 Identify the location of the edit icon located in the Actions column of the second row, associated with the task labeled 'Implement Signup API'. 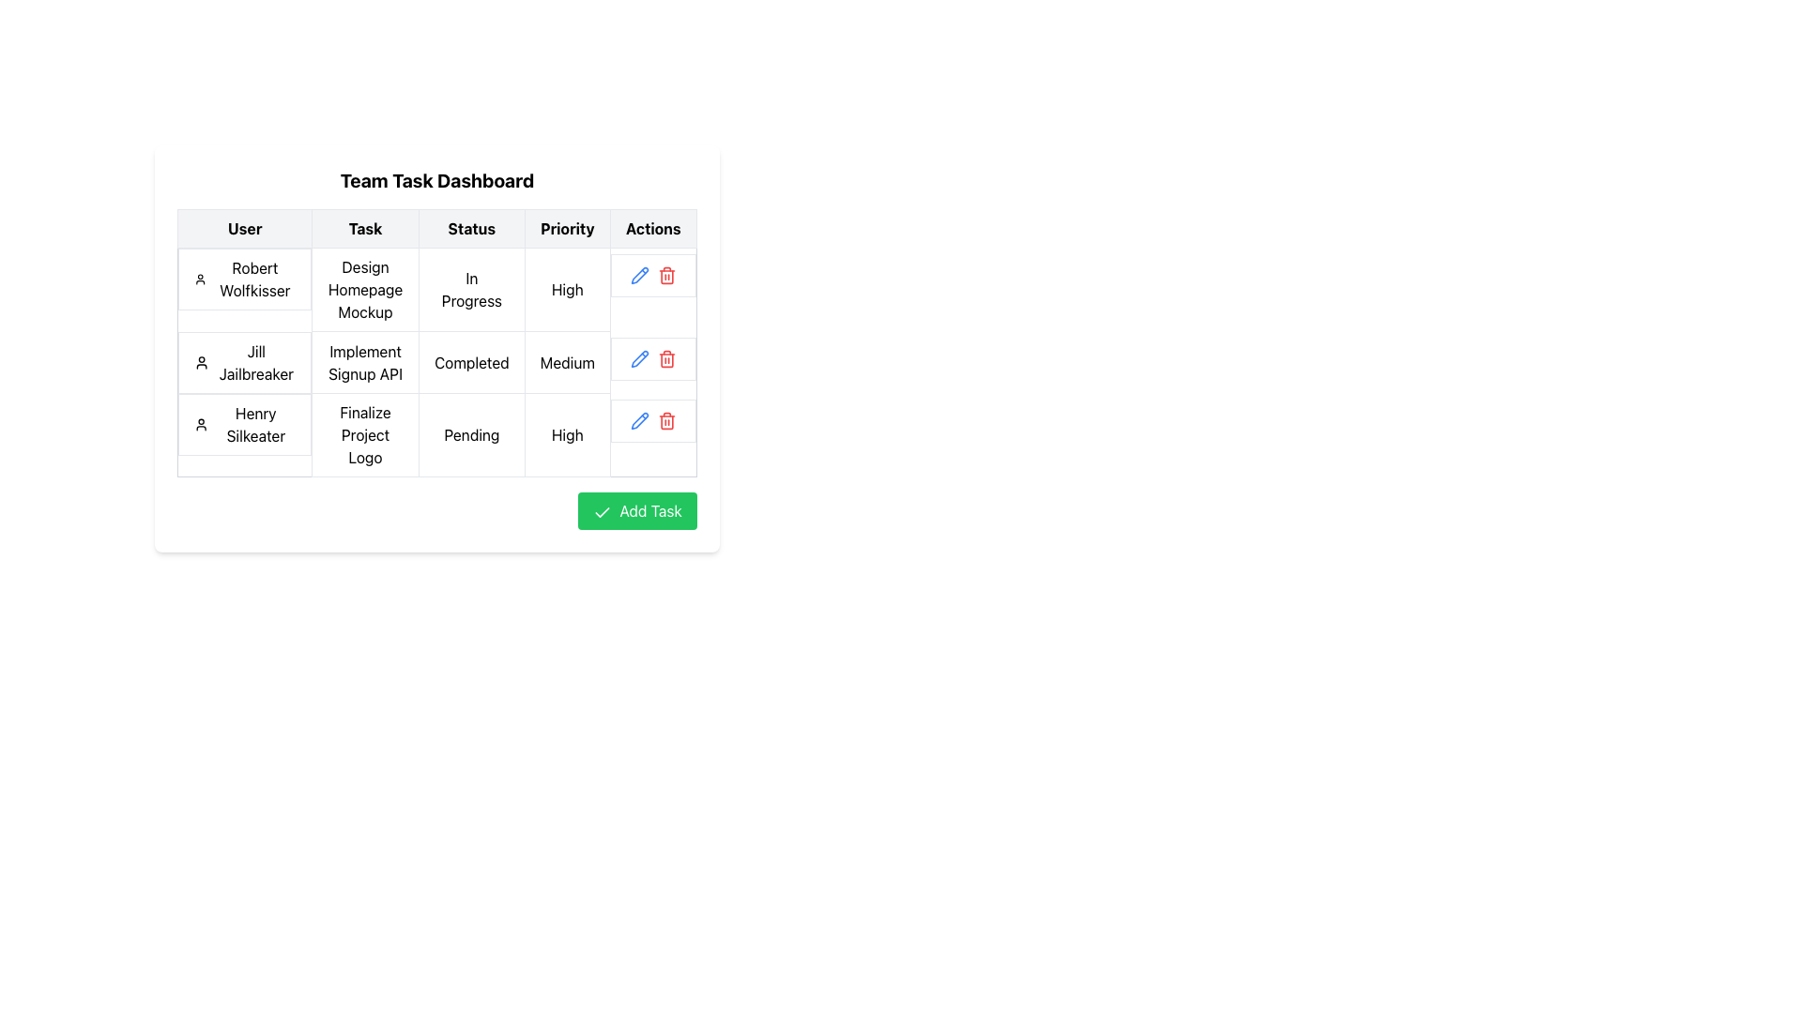
(640, 275).